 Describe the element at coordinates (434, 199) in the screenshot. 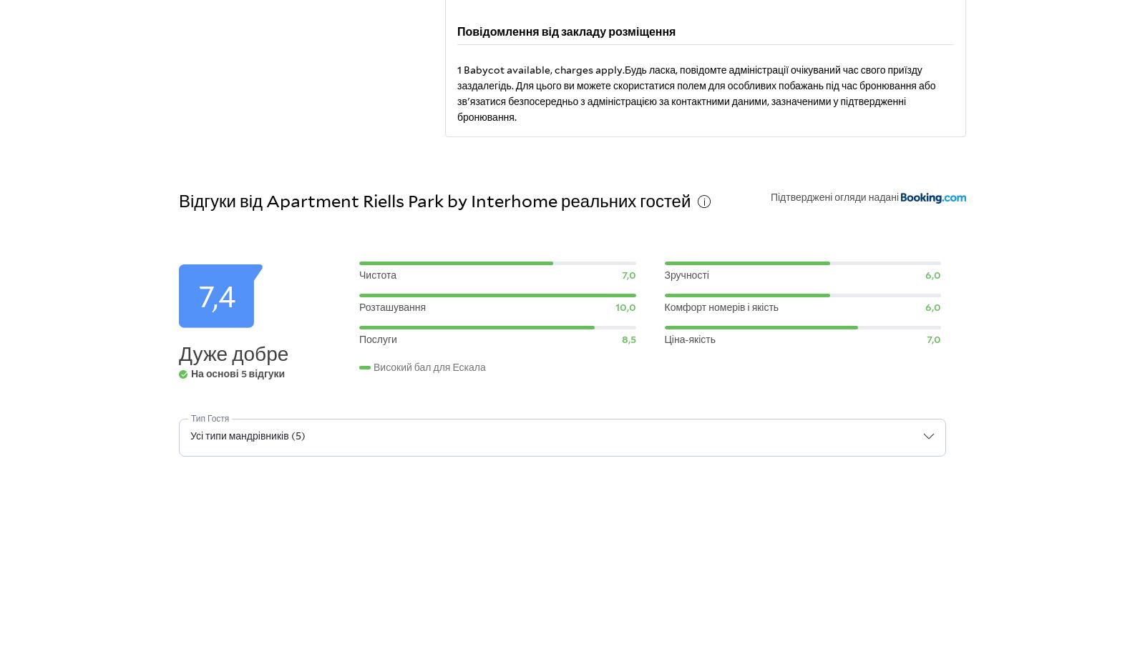

I see `'Відгуки від Apartment Riells Park by Interhome реальних гостей'` at that location.